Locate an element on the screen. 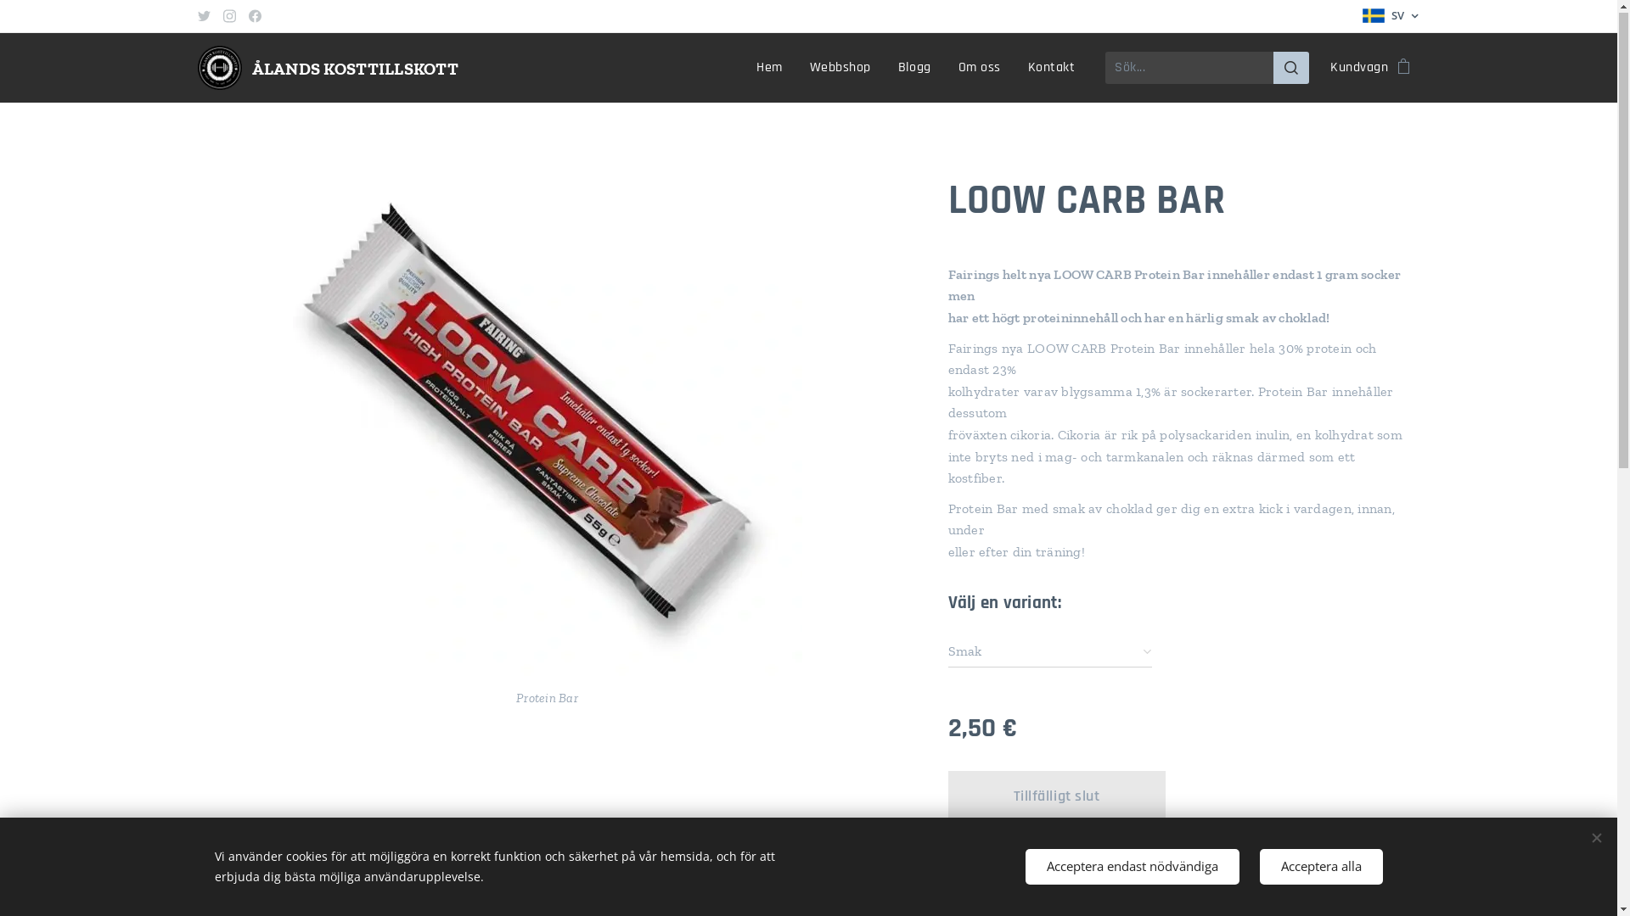 The height and width of the screenshot is (916, 1630). 'Kontakt' is located at coordinates (1015, 68).